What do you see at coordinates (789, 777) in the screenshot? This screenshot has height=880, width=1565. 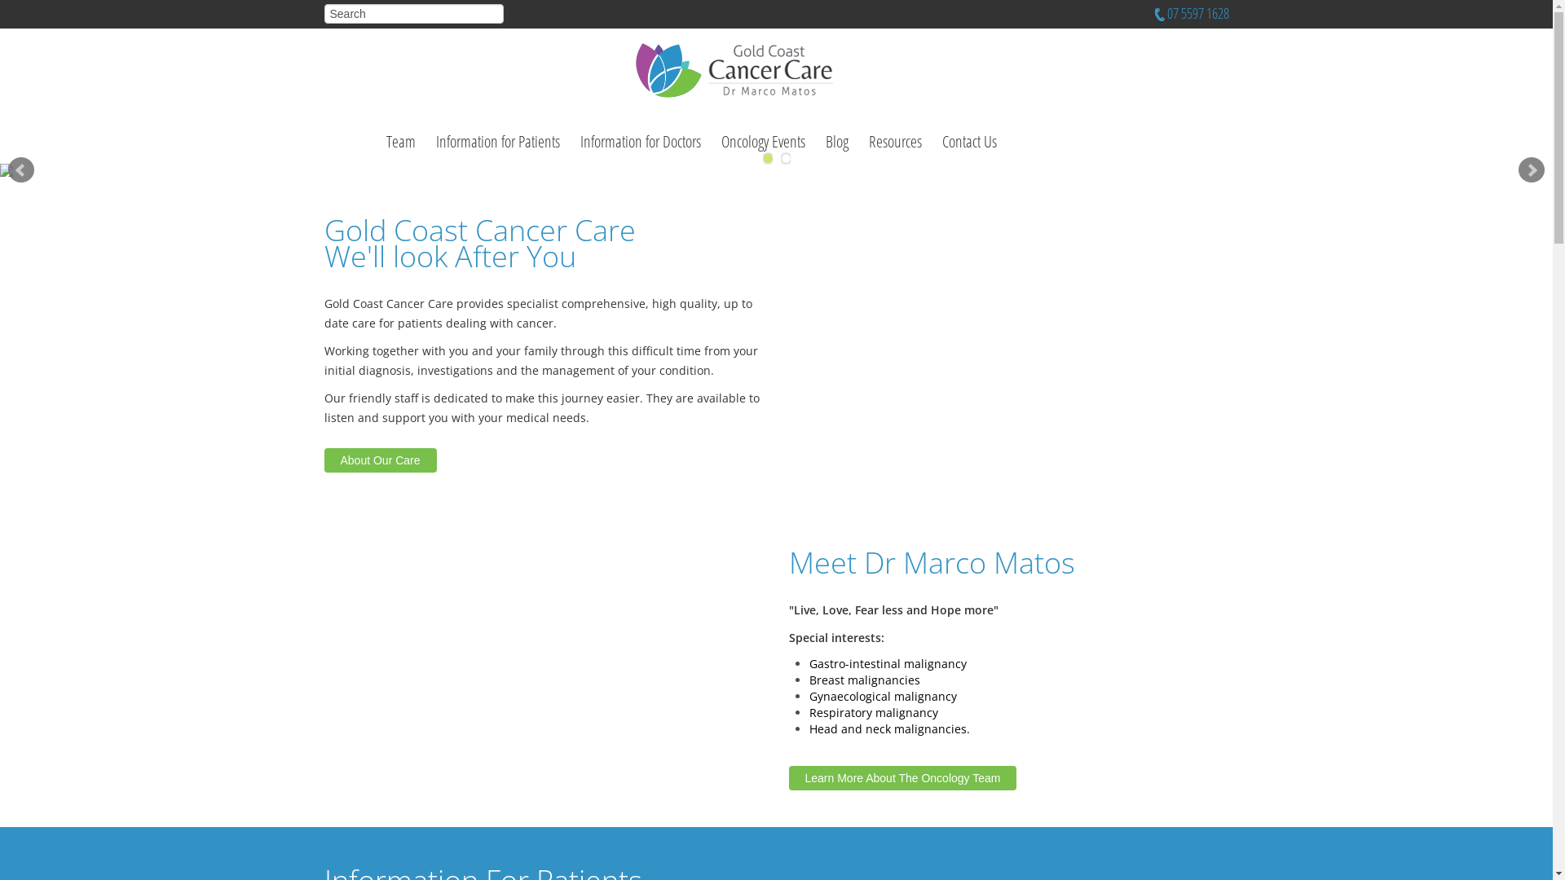 I see `'Learn More About The Oncology Team'` at bounding box center [789, 777].